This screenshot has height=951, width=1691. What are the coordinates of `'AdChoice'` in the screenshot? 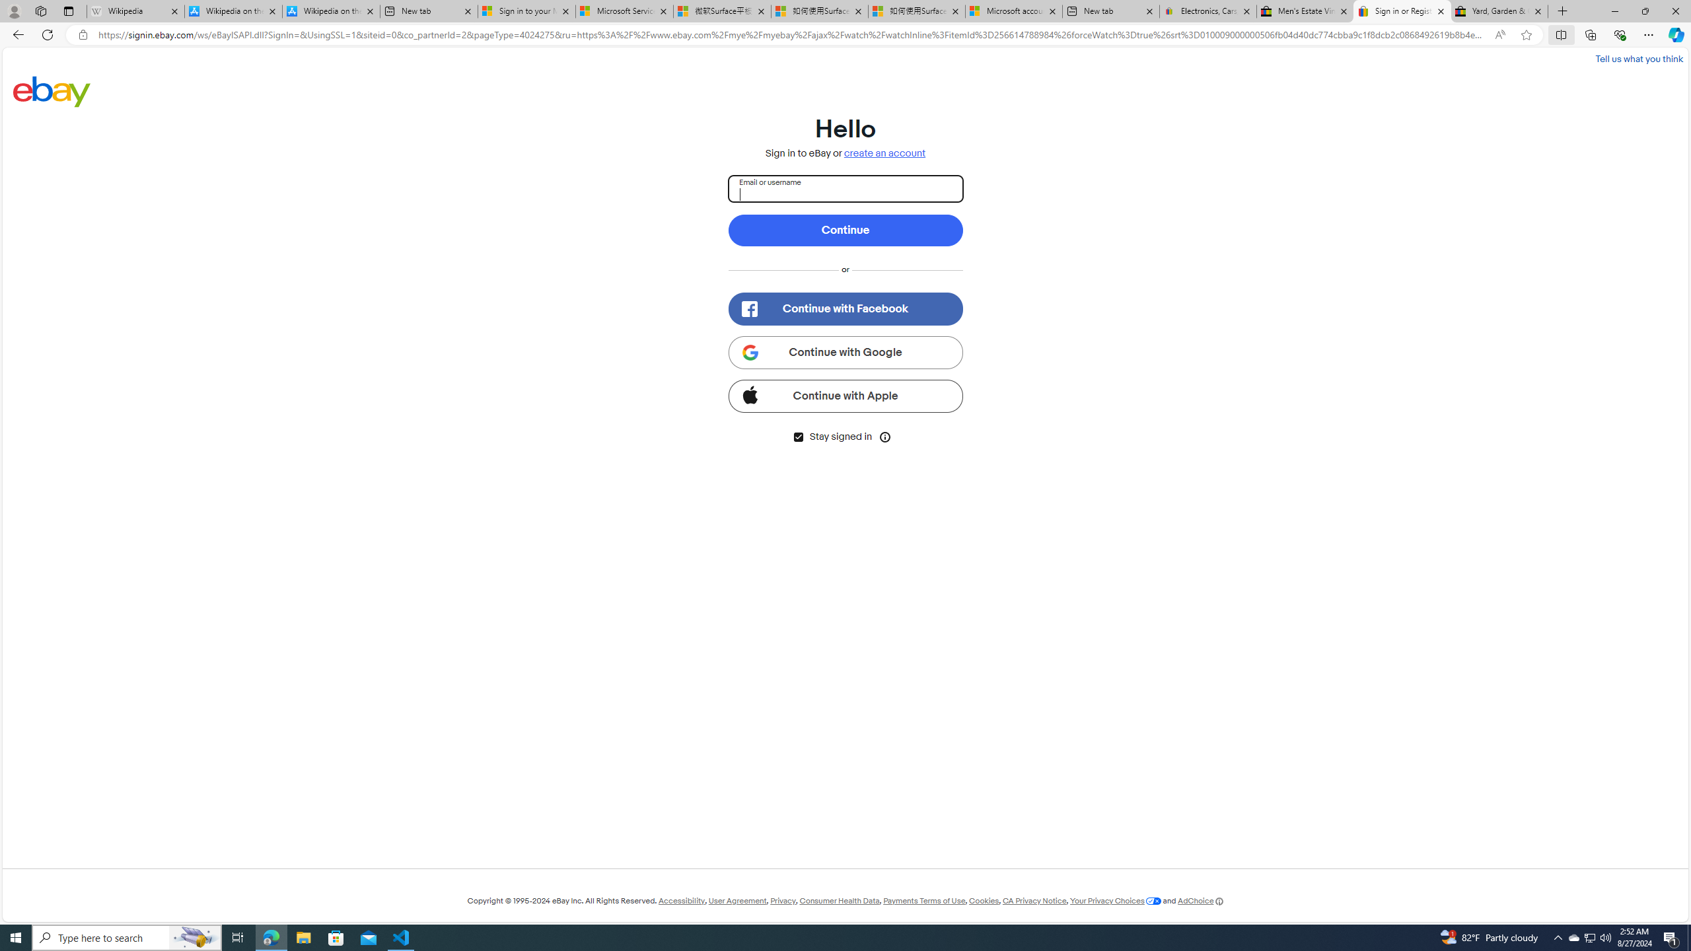 It's located at (1200, 900).